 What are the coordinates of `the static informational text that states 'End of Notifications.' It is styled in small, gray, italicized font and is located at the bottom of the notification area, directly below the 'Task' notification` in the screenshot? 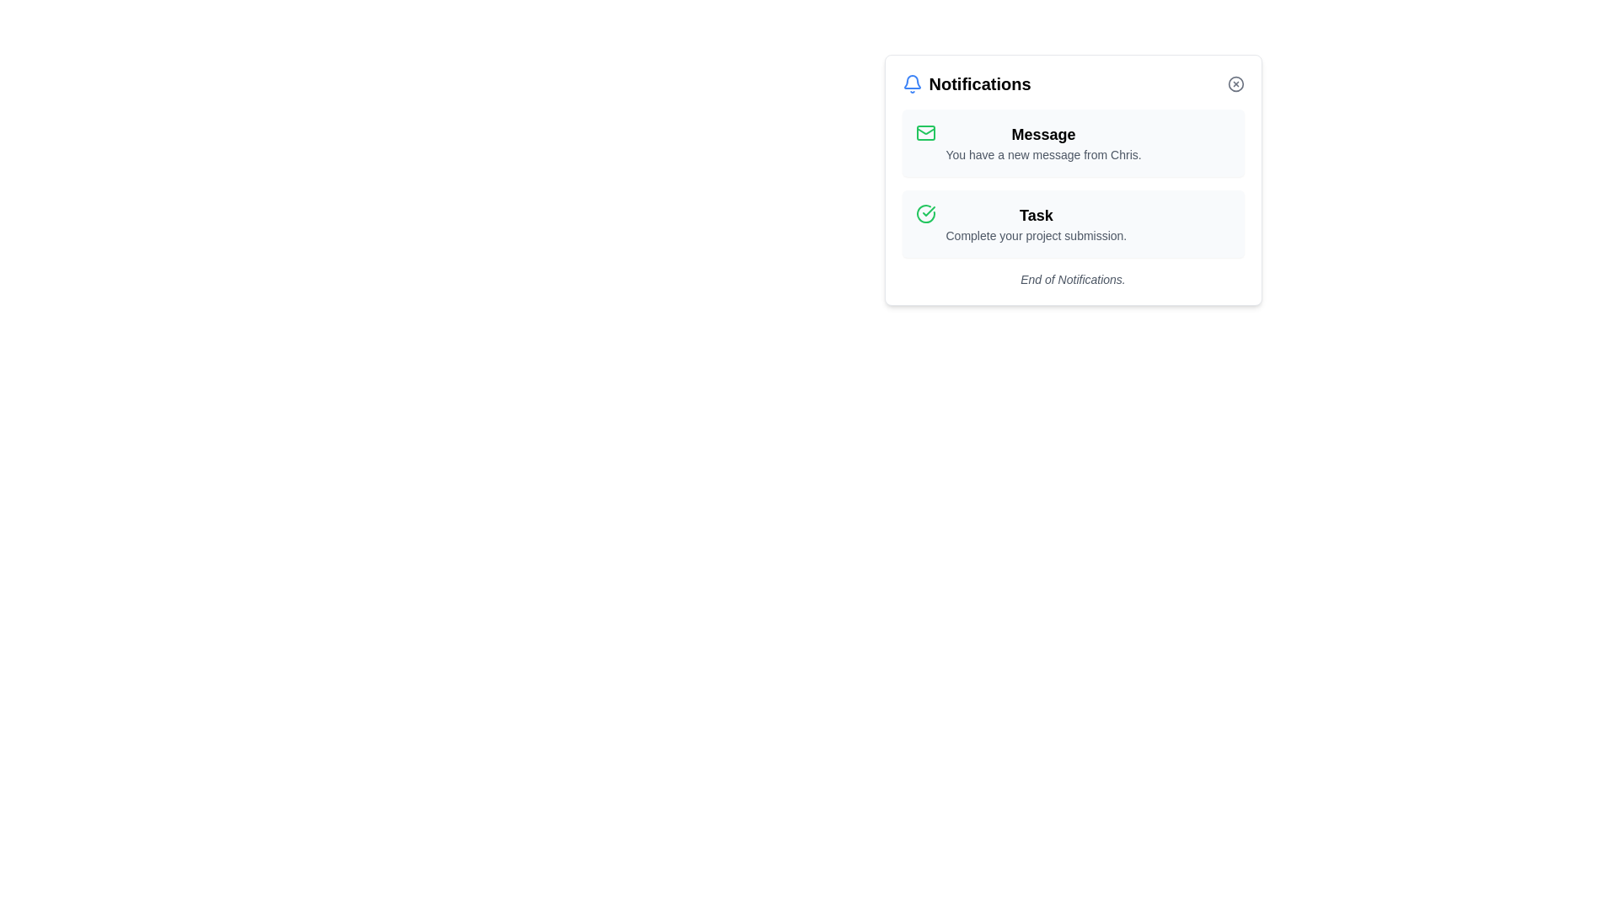 It's located at (1072, 278).